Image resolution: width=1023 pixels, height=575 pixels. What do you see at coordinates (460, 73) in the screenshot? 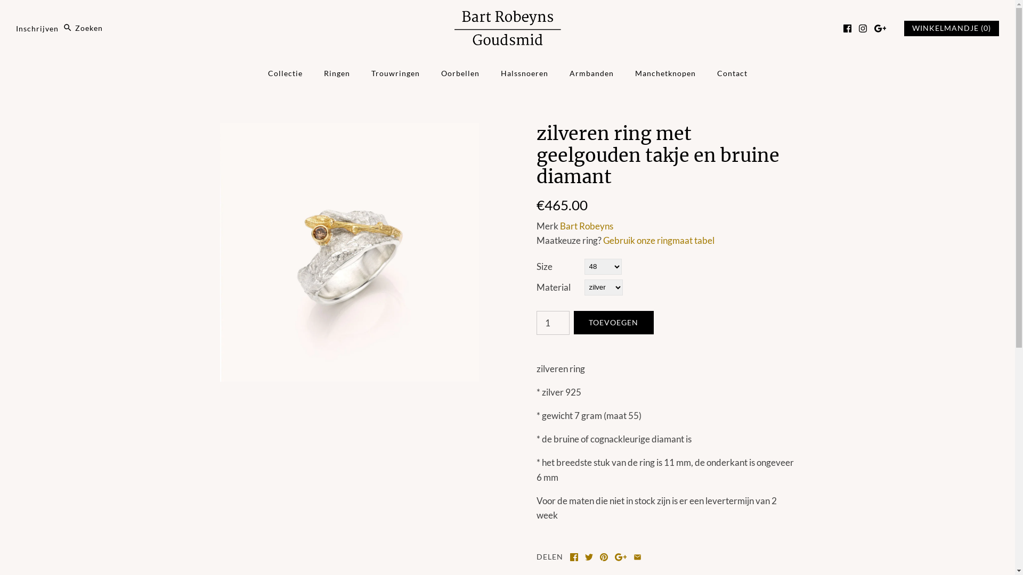
I see `'Oorbellen'` at bounding box center [460, 73].